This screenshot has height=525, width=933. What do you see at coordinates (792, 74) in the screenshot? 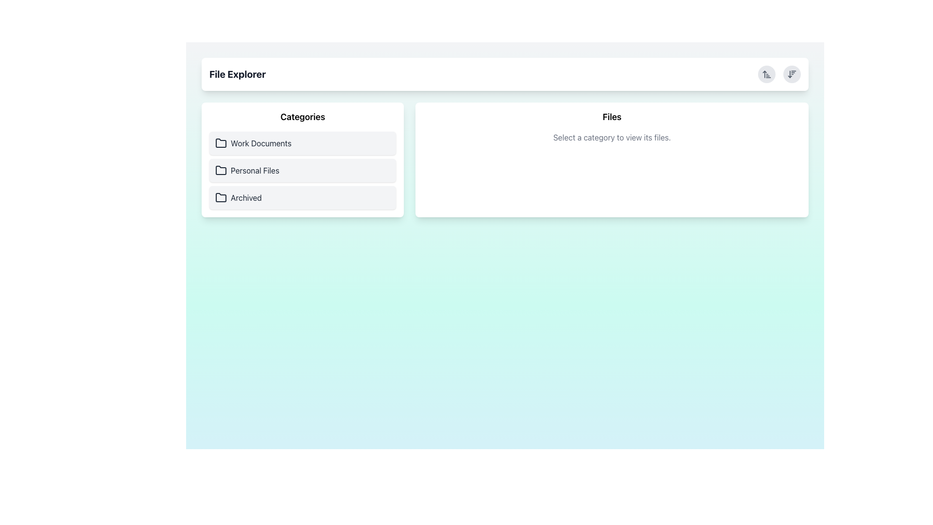
I see `the Sort icon, which is a gray arrow-down icon located in a rounded button at the top right corner of the navigation bar` at bounding box center [792, 74].